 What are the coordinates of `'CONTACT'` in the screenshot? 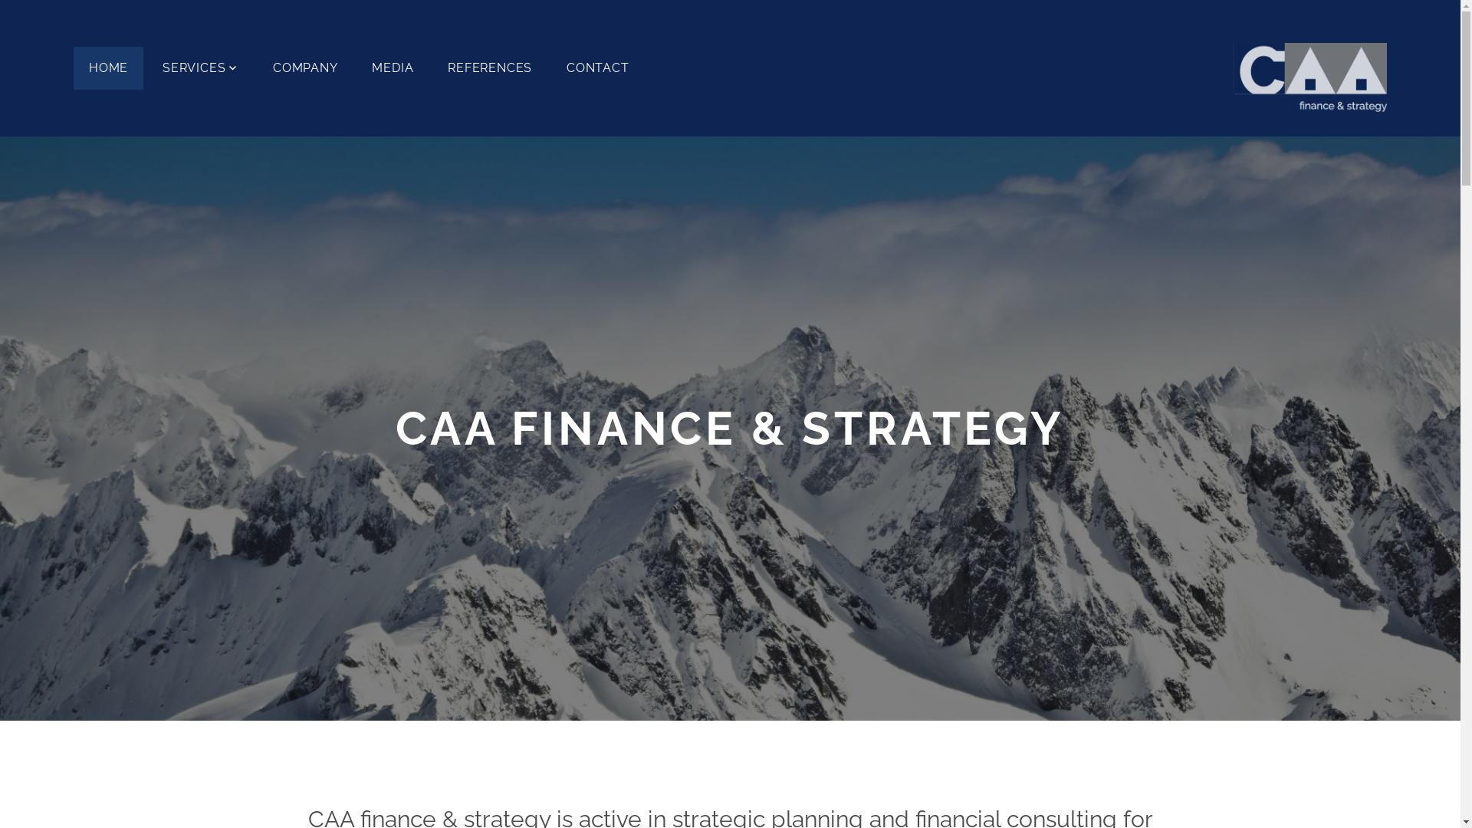 It's located at (596, 67).